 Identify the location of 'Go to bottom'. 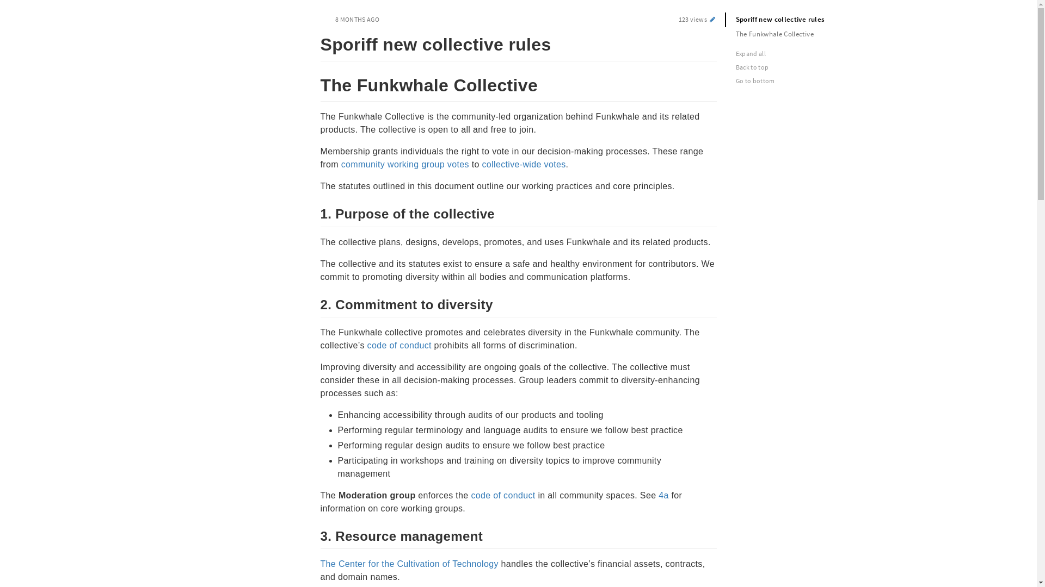
(800, 80).